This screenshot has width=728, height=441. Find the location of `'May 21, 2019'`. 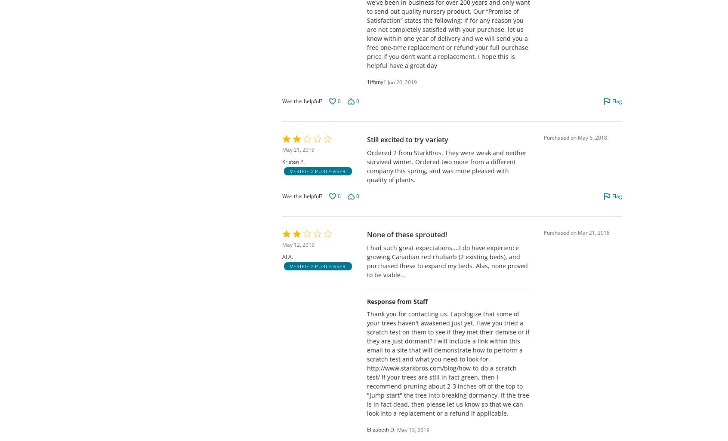

'May 21, 2019' is located at coordinates (298, 150).